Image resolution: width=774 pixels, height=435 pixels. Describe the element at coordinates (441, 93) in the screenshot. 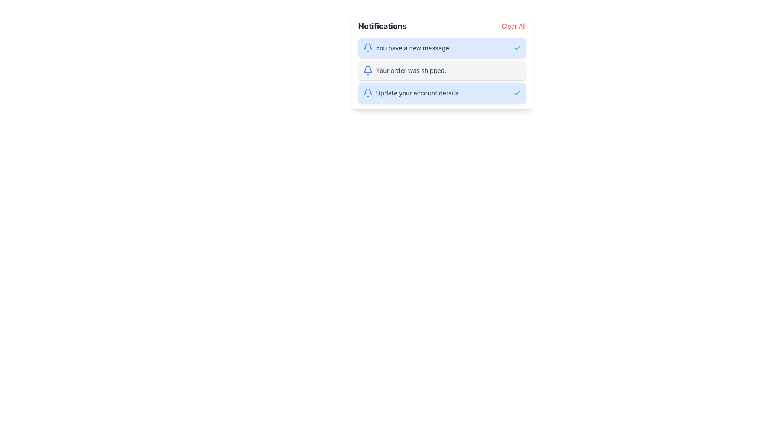

I see `the non-interactive Notification Card that informs the user about updating account details, which is the third card in the notification panel` at that location.